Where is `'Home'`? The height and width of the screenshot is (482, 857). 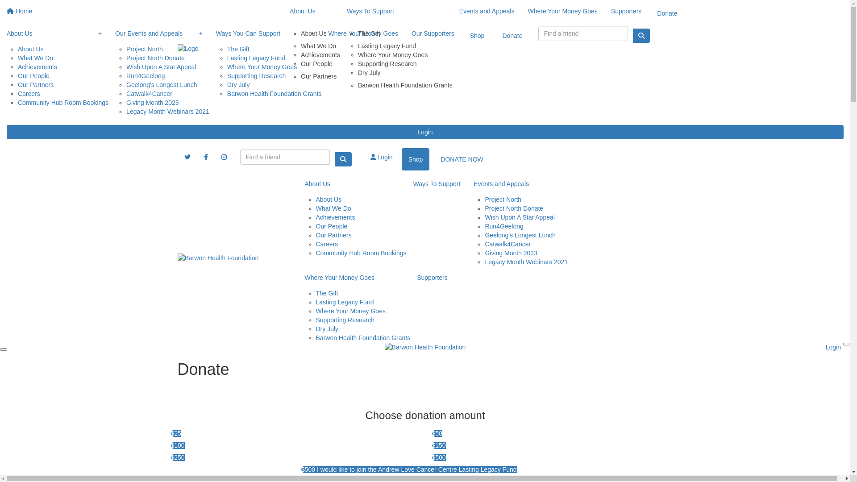
'Home' is located at coordinates (19, 11).